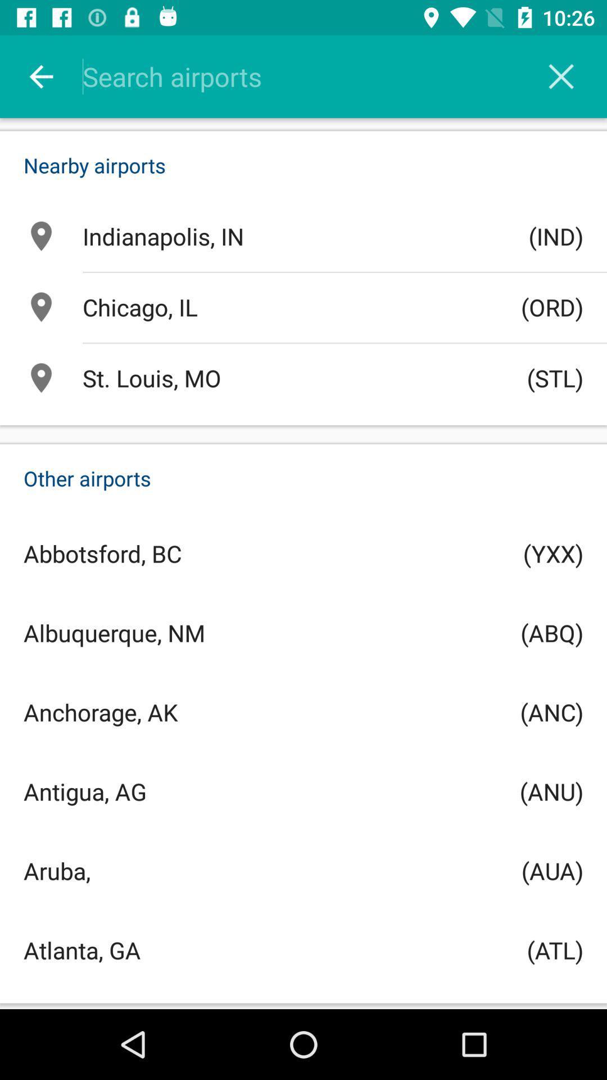 Image resolution: width=607 pixels, height=1080 pixels. What do you see at coordinates (40, 76) in the screenshot?
I see `icon above nearby airports` at bounding box center [40, 76].